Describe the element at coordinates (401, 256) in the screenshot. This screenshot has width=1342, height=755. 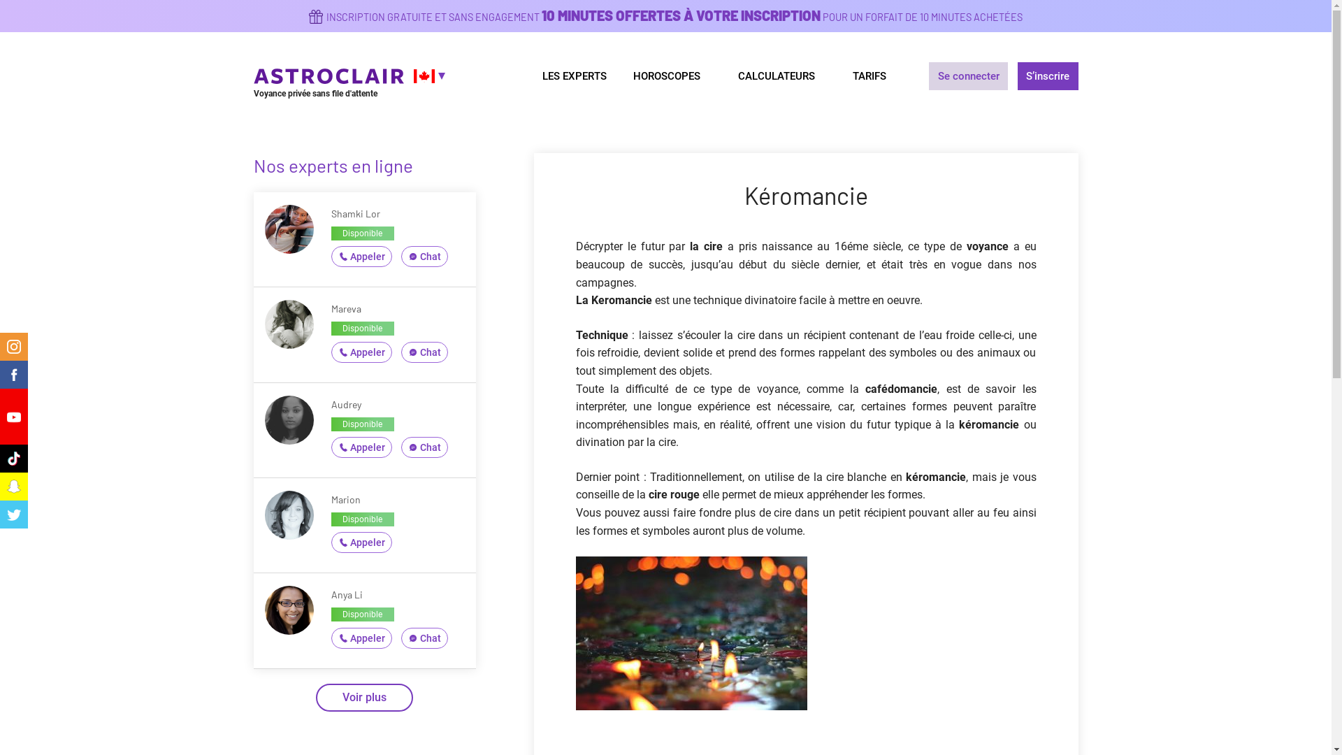
I see `'Chat'` at that location.